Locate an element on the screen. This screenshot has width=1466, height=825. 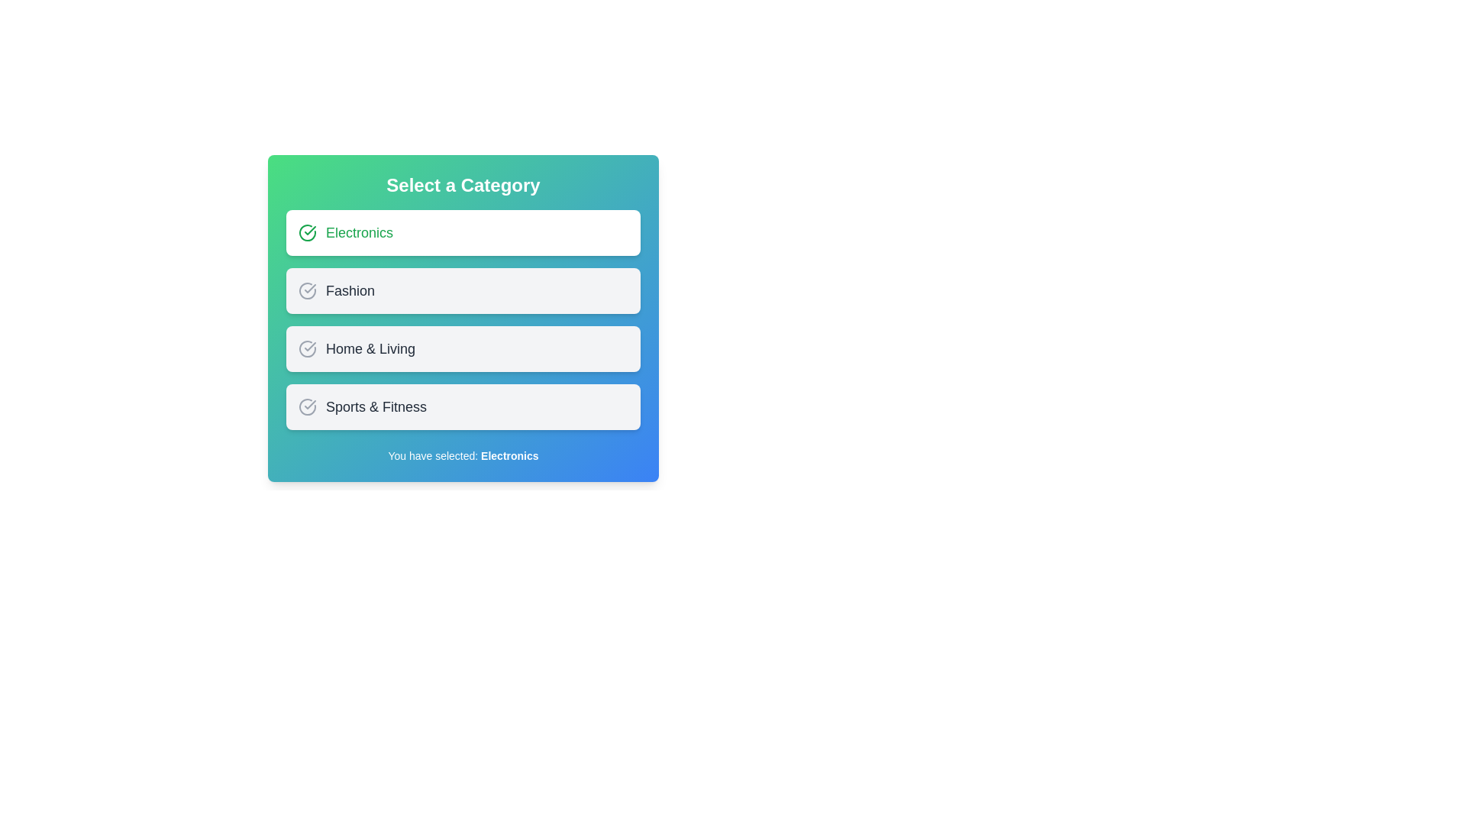
text from the Text Label that displays the currently selected category, which is the last word in the sentence 'You have selected: Electronics' is located at coordinates (509, 455).